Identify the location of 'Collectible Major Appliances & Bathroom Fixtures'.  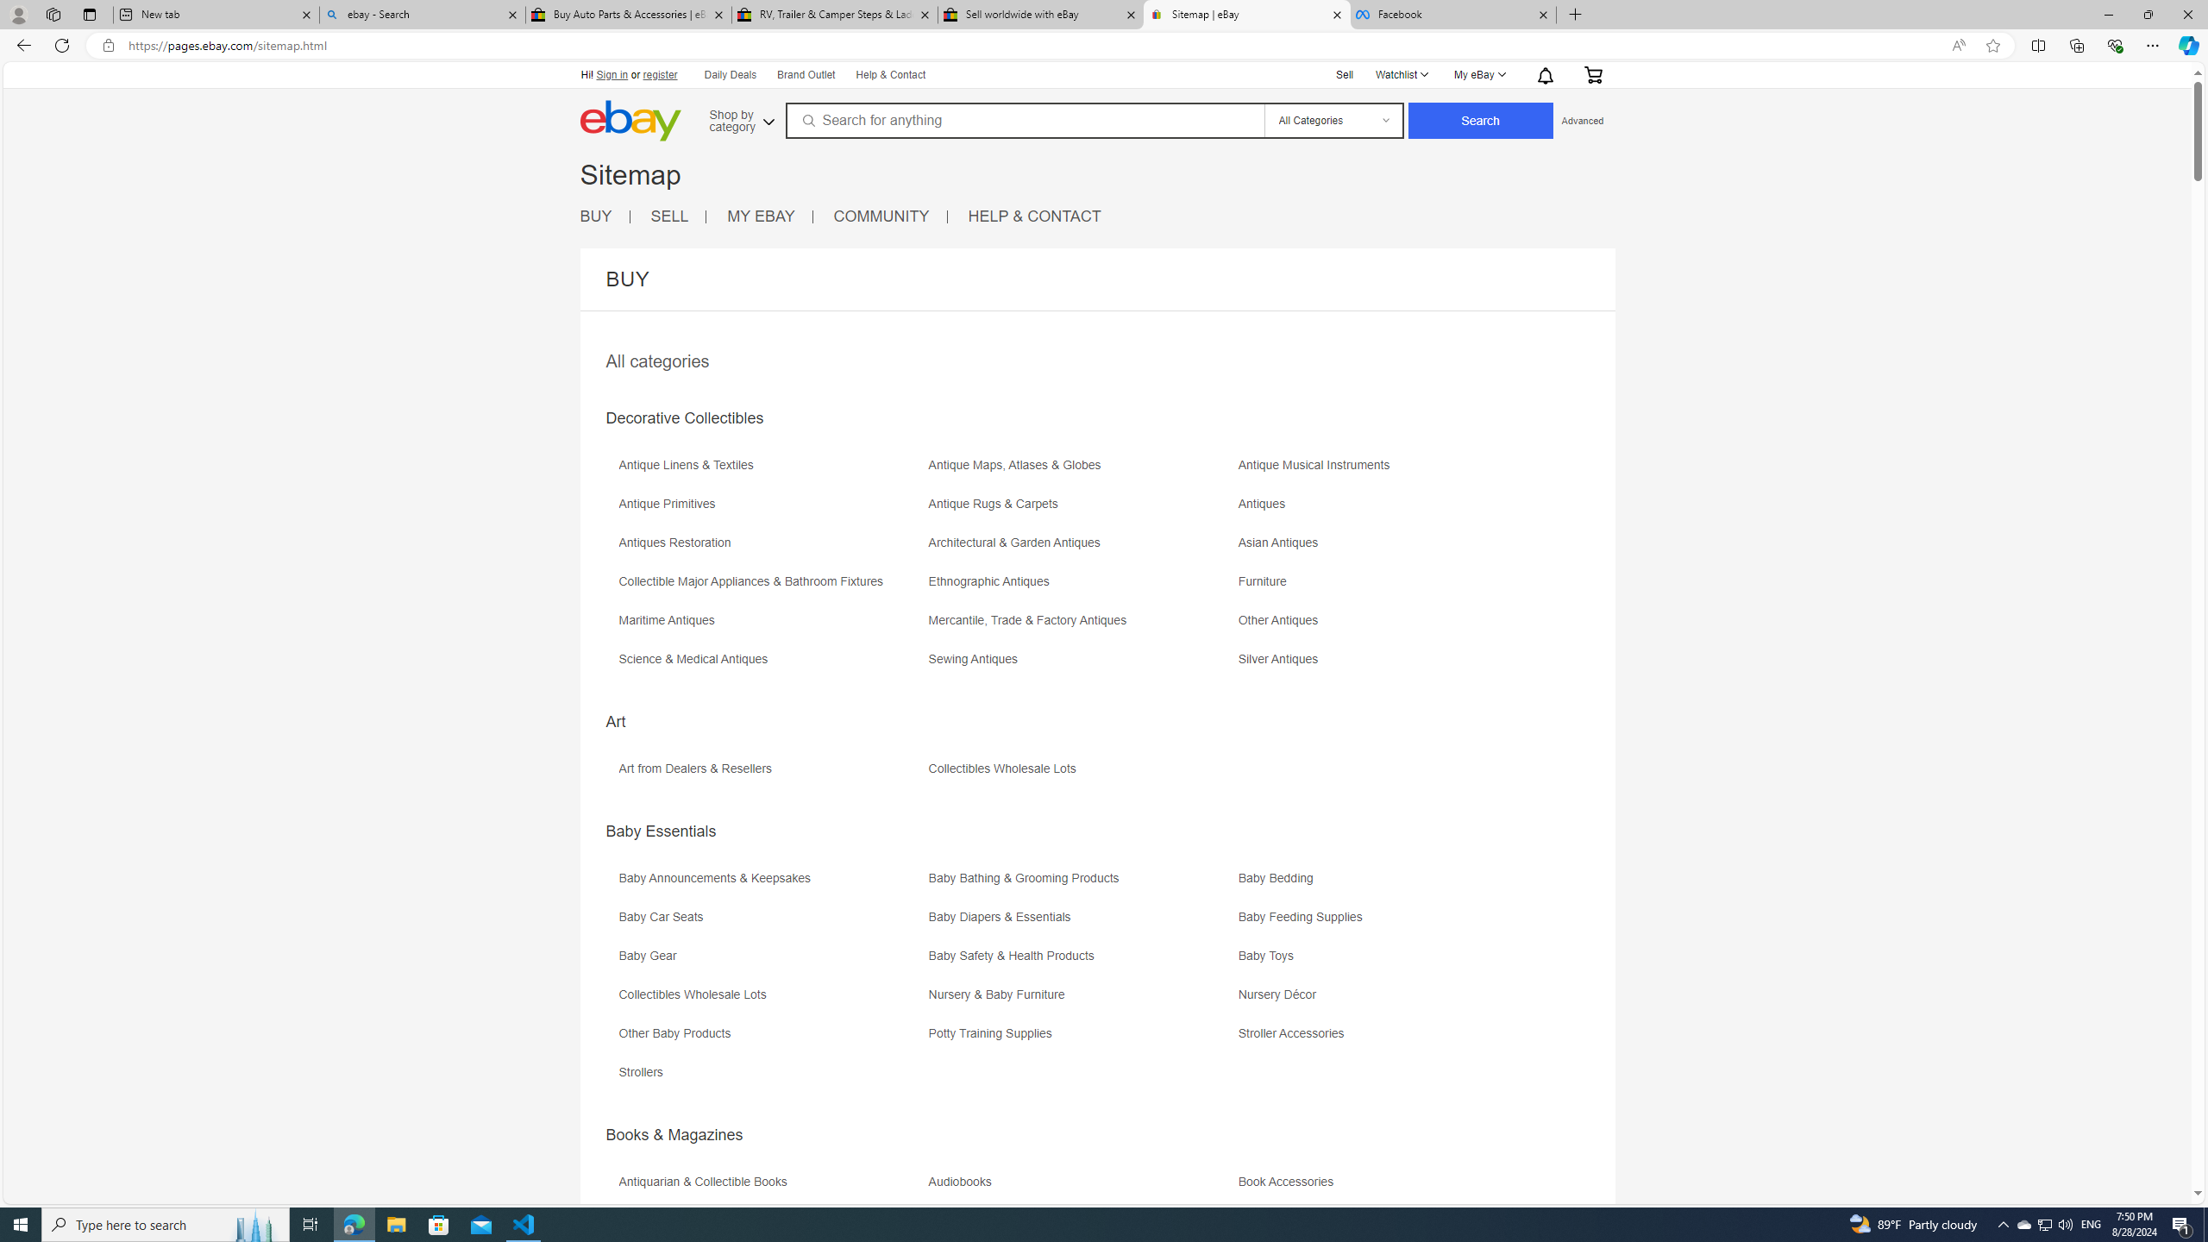
(770, 587).